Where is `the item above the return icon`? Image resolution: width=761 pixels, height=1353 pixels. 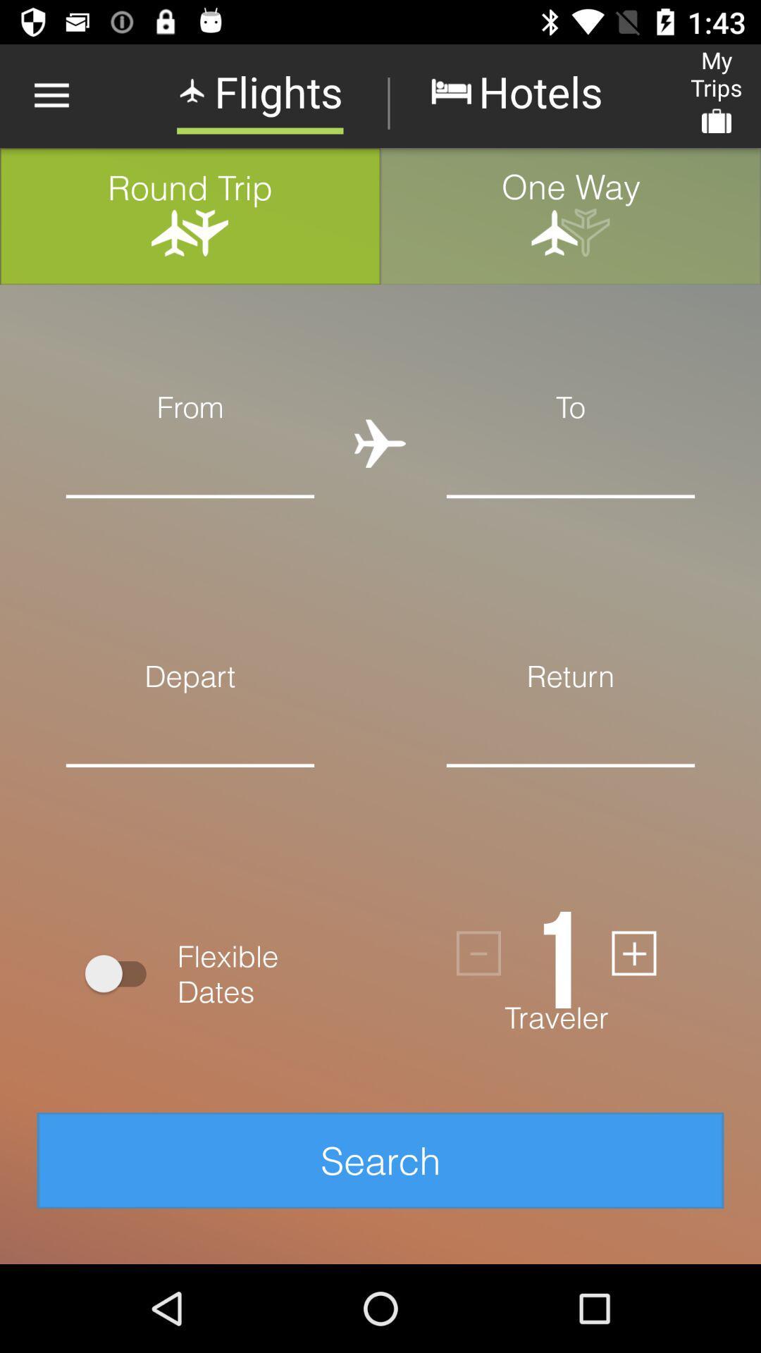 the item above the return icon is located at coordinates (571, 461).